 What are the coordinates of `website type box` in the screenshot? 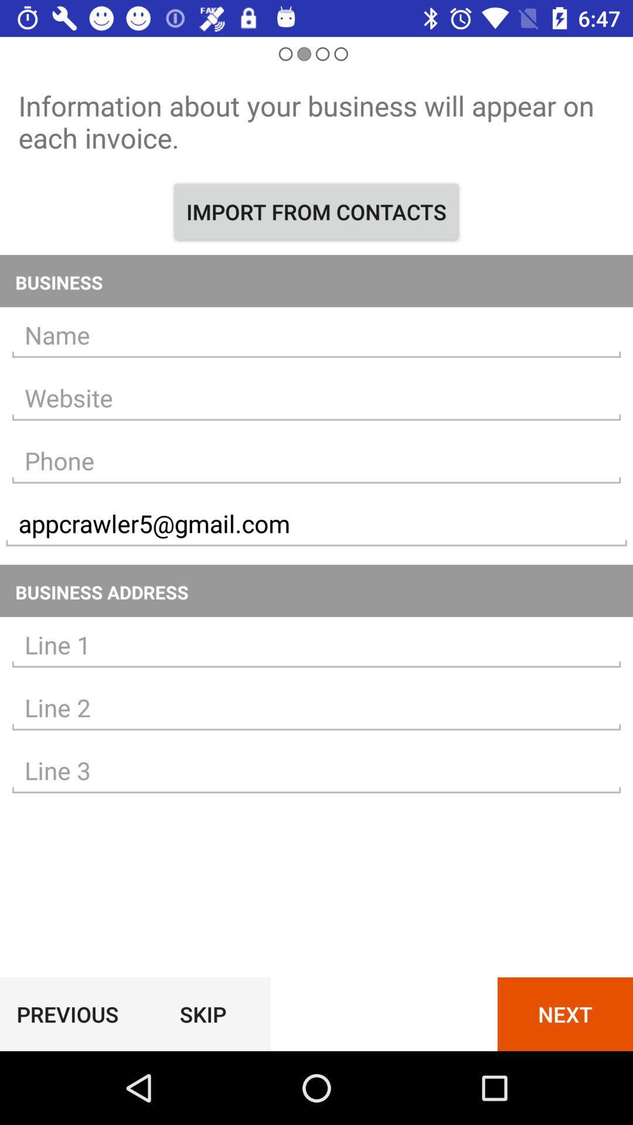 It's located at (316, 398).